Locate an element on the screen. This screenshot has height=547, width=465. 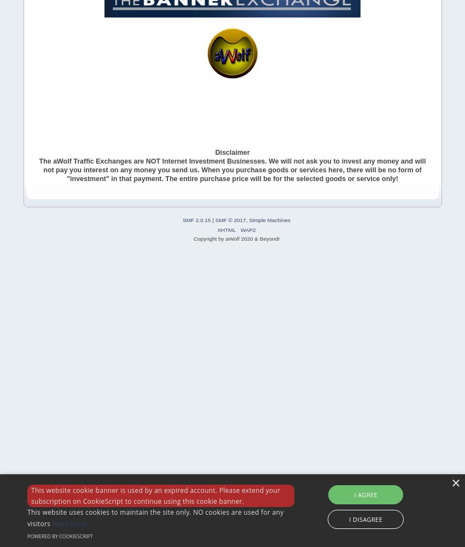
',' is located at coordinates (245, 220).